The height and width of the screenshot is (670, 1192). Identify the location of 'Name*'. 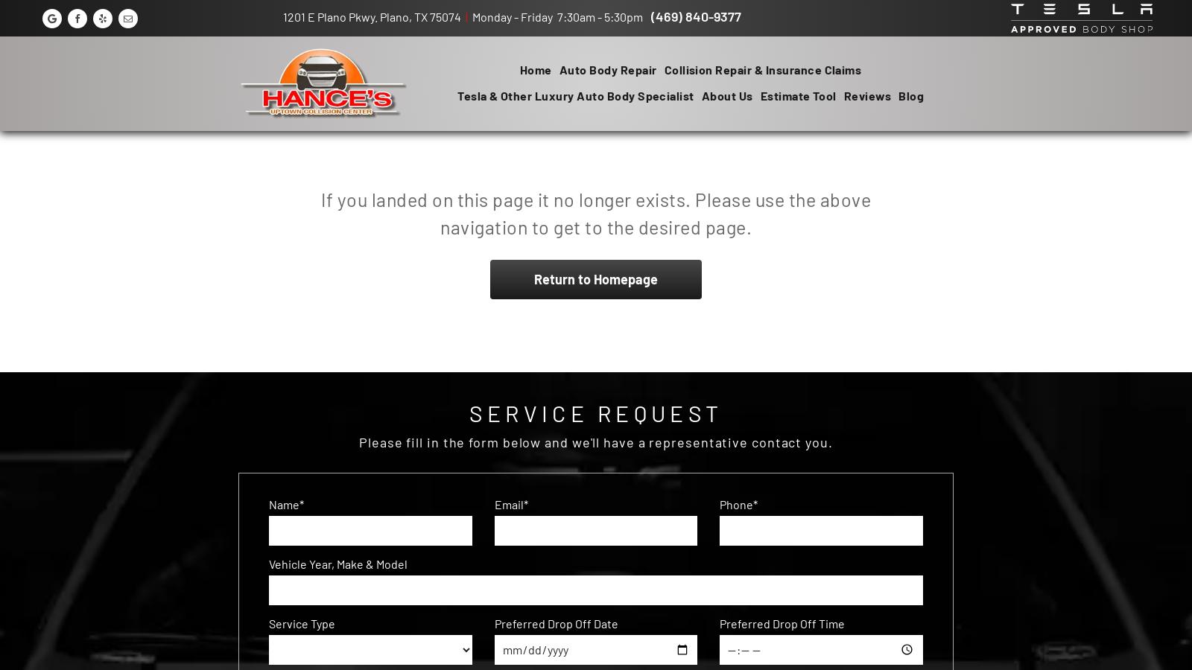
(286, 502).